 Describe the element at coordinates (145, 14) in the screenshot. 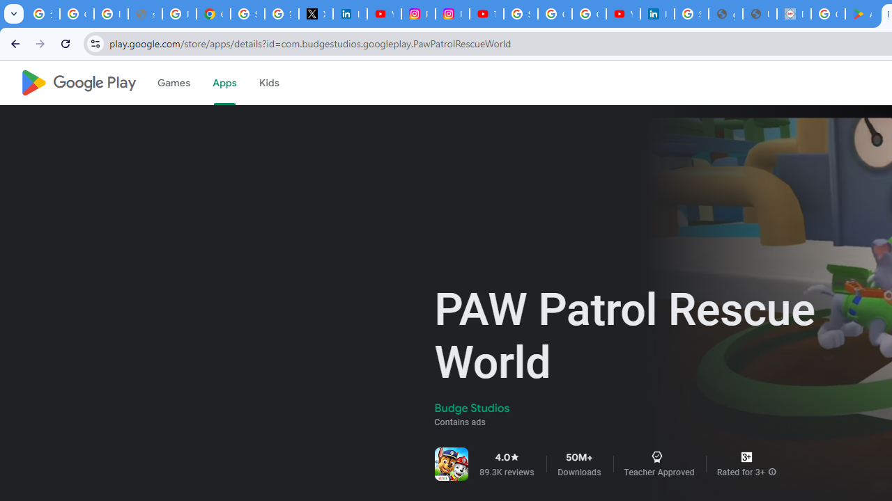

I see `'support.google.com - Network error'` at that location.